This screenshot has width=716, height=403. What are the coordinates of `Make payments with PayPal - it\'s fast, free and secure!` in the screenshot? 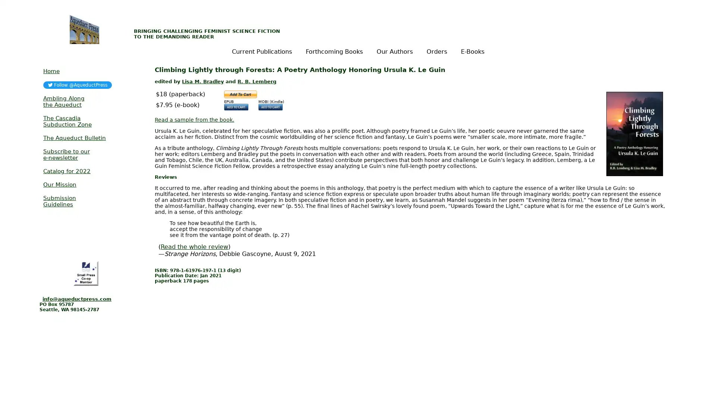 It's located at (240, 93).